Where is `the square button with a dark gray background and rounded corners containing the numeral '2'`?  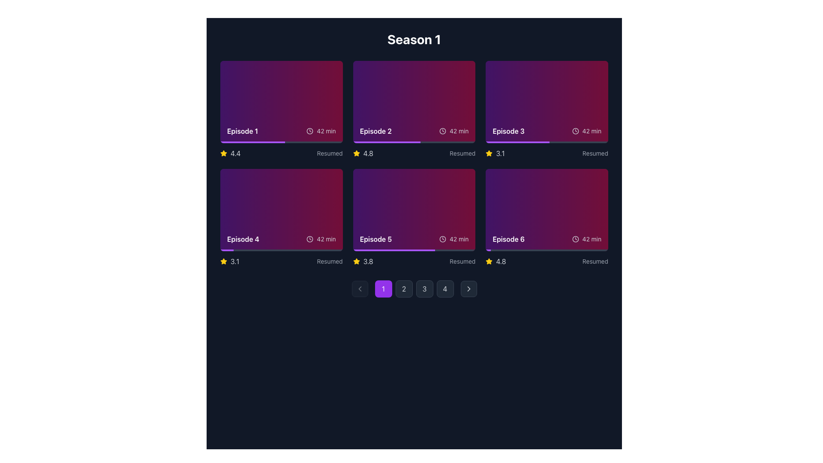
the square button with a dark gray background and rounded corners containing the numeral '2' is located at coordinates (403, 289).